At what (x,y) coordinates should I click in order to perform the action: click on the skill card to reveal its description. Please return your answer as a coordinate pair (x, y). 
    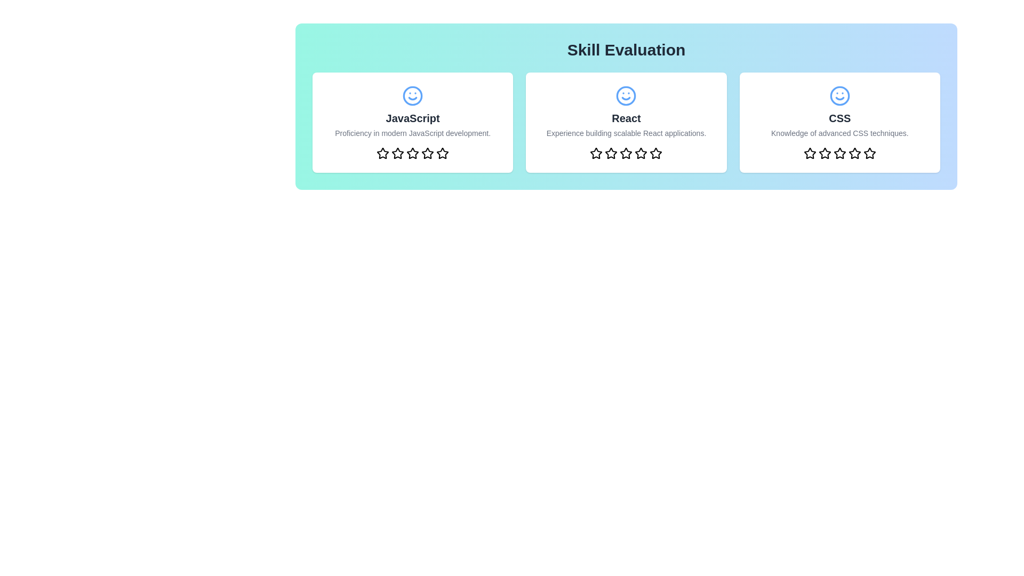
    Looking at the image, I should click on (412, 122).